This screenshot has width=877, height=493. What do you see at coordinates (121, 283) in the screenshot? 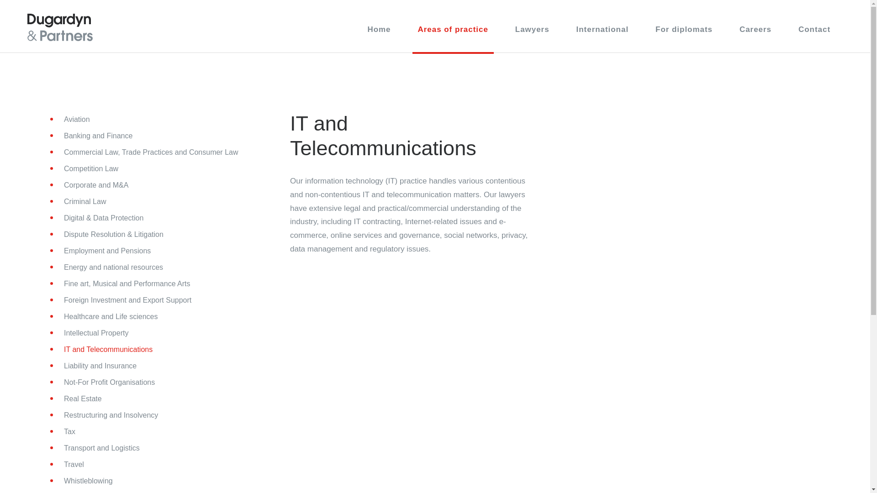
I see `'Fine art, Musical and Performance Arts'` at bounding box center [121, 283].